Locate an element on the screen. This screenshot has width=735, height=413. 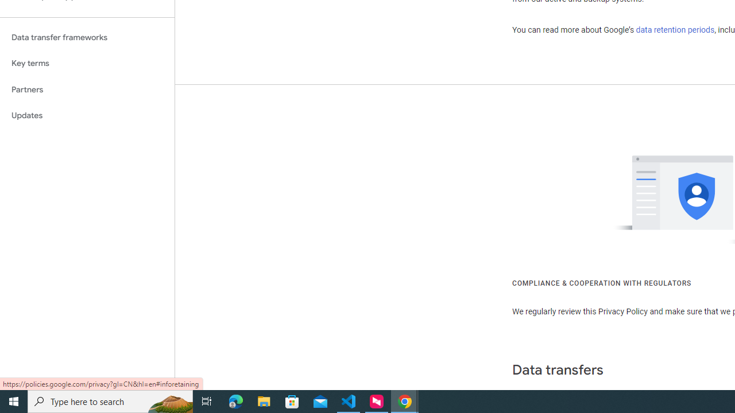
'Data transfer frameworks' is located at coordinates (87, 37).